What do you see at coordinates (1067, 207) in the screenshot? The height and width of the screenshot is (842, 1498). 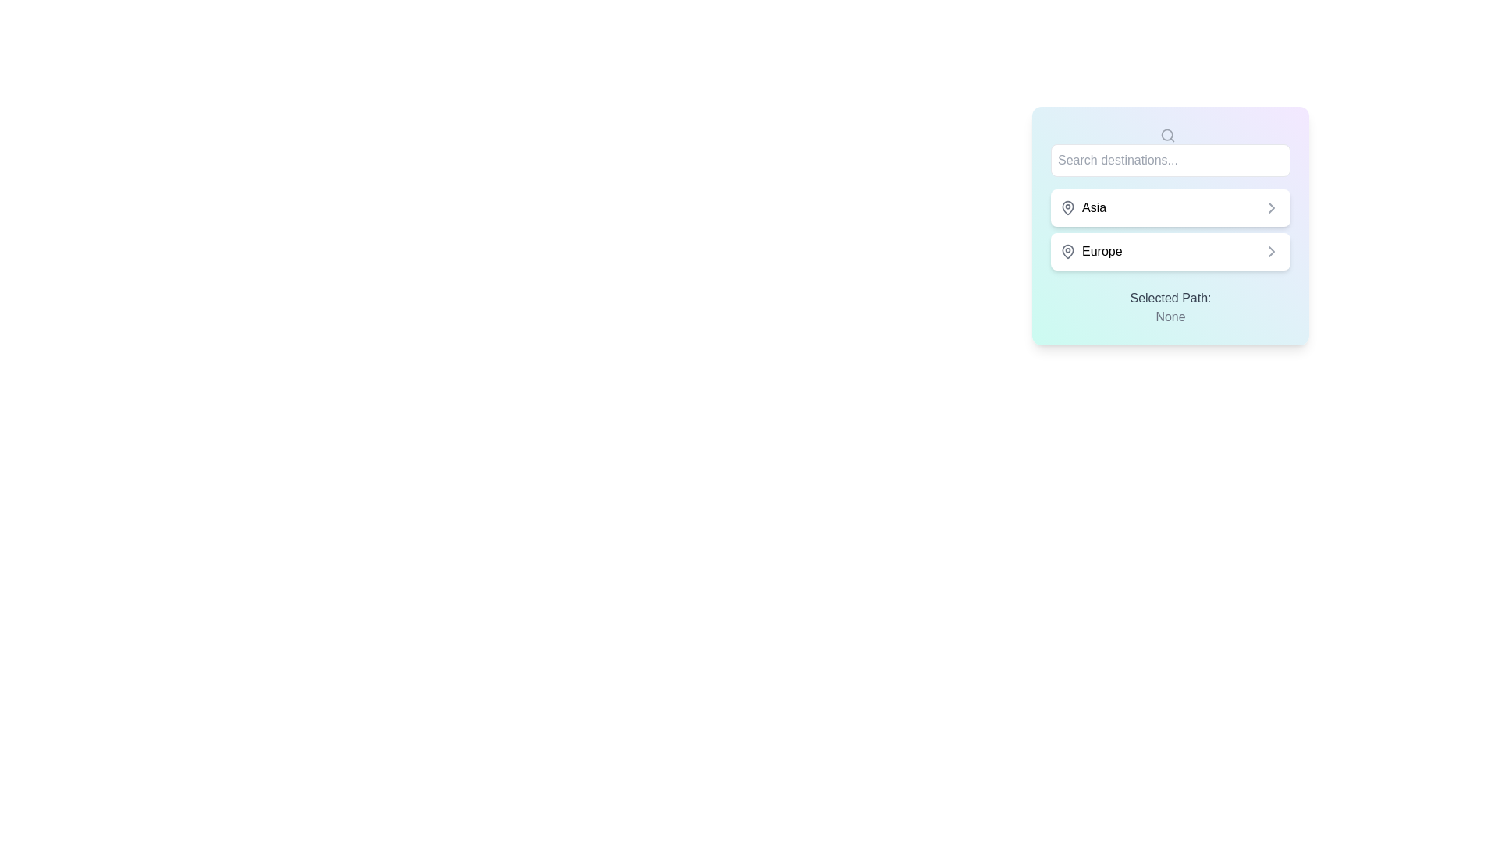 I see `the gray rounded map pin icon located to the left of the text 'Asia' in the UI` at bounding box center [1067, 207].